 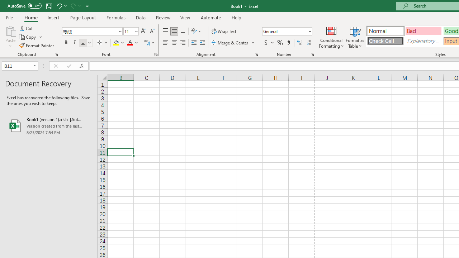 What do you see at coordinates (183, 31) in the screenshot?
I see `'Bottom Align'` at bounding box center [183, 31].